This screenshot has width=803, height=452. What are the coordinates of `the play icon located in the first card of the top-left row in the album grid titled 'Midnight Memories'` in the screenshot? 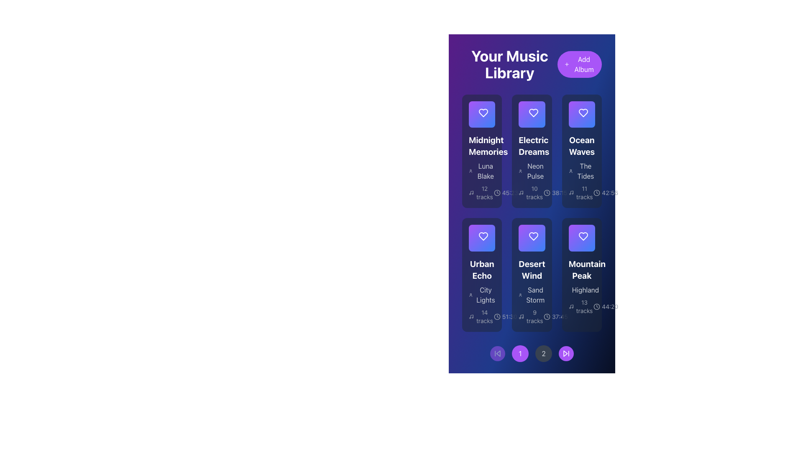 It's located at (482, 114).